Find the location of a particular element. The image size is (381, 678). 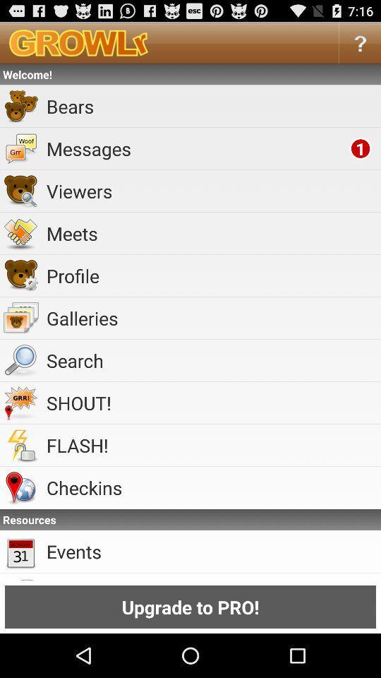

messages is located at coordinates (195, 148).